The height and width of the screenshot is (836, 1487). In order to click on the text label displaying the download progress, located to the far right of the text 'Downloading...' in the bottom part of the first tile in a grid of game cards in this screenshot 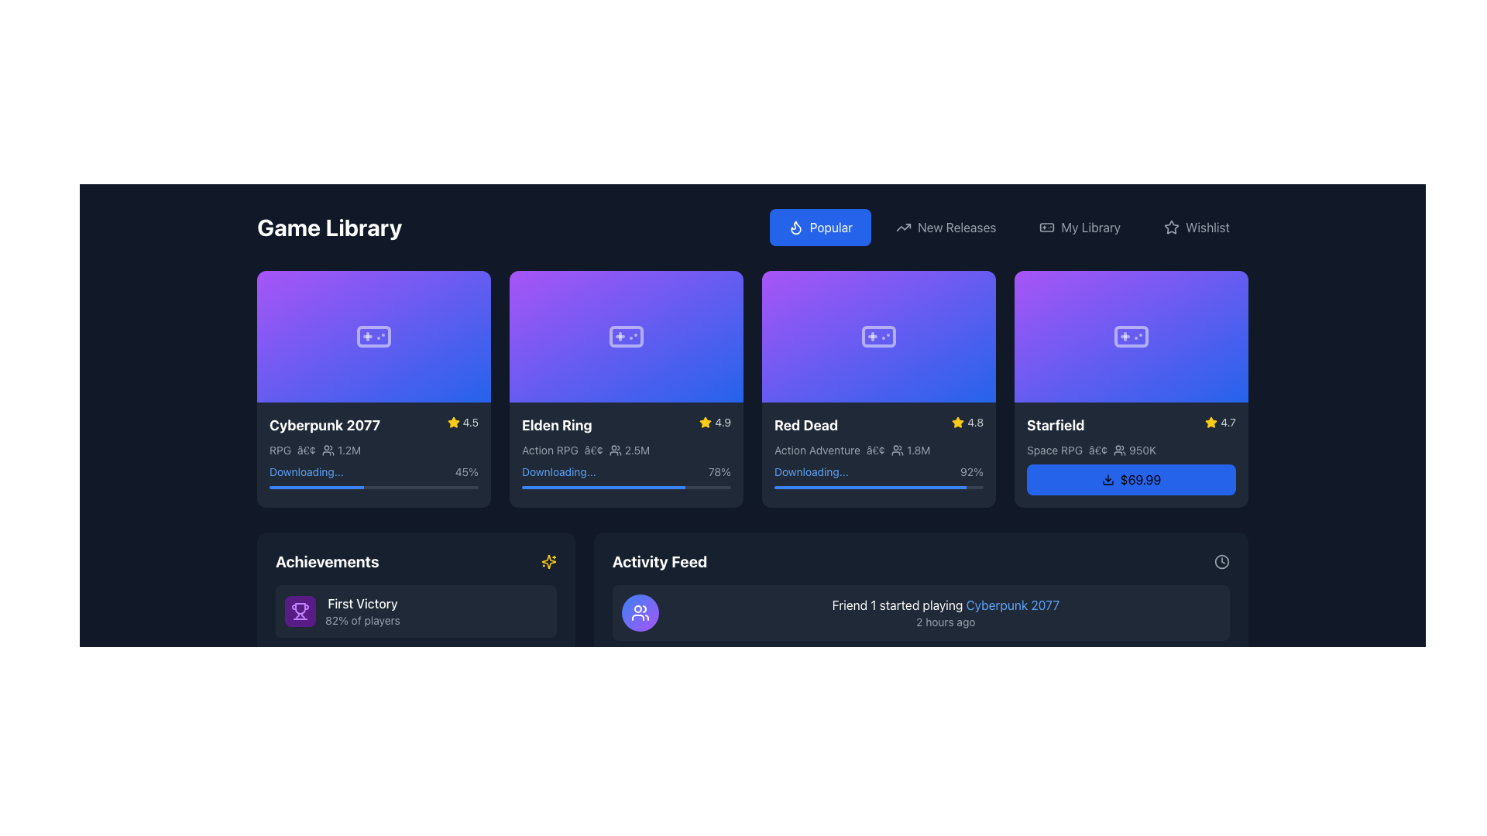, I will do `click(465, 471)`.